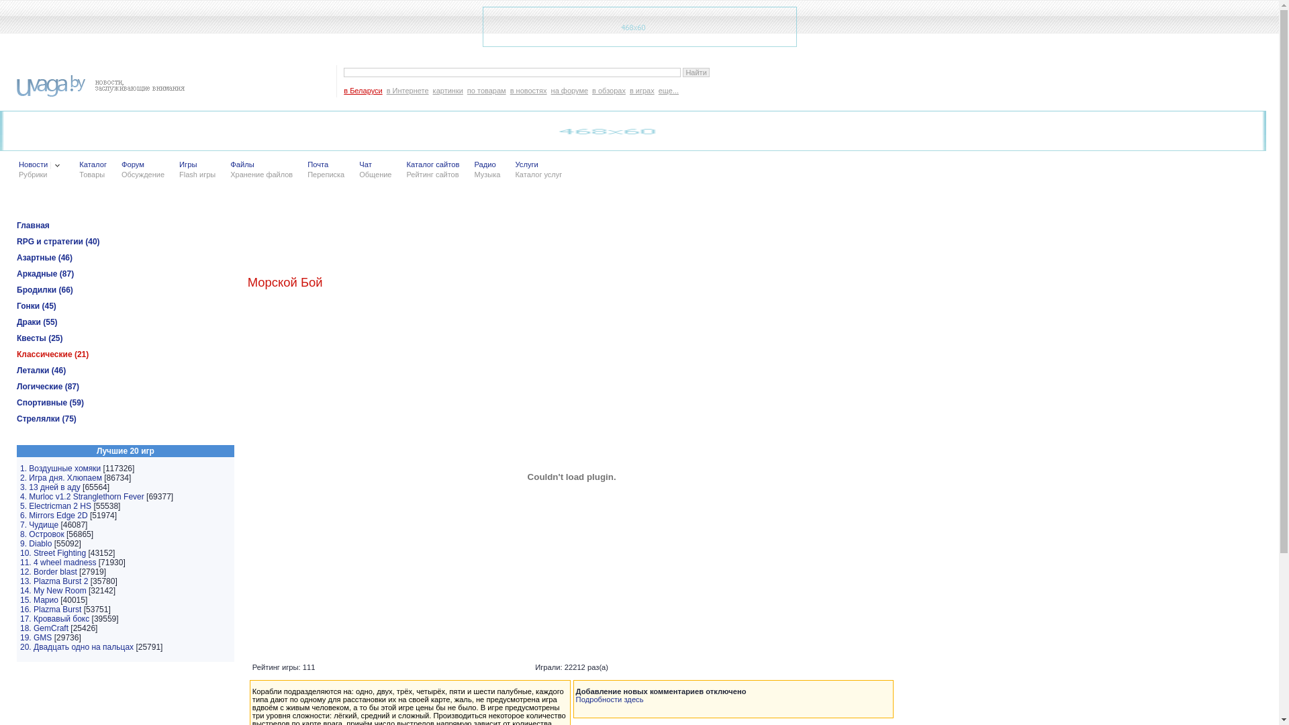 This screenshot has width=1289, height=725. Describe the element at coordinates (81, 497) in the screenshot. I see `'4. Murloc v1.2 Stranglethorn Fever'` at that location.